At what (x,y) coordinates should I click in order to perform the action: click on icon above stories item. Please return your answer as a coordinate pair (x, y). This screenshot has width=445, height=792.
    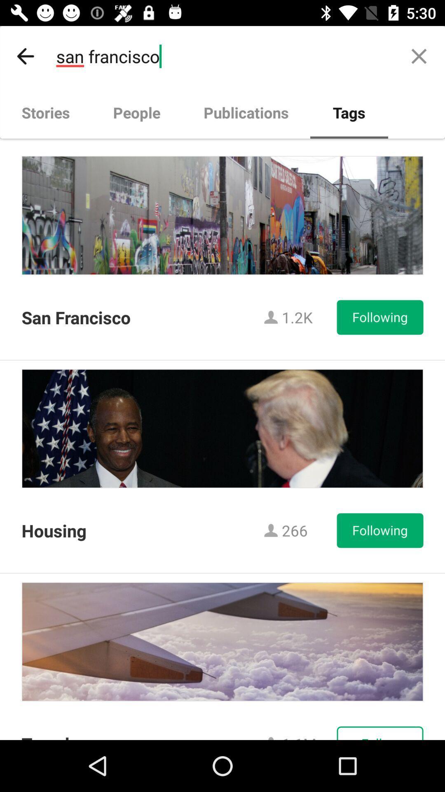
    Looking at the image, I should click on (25, 56).